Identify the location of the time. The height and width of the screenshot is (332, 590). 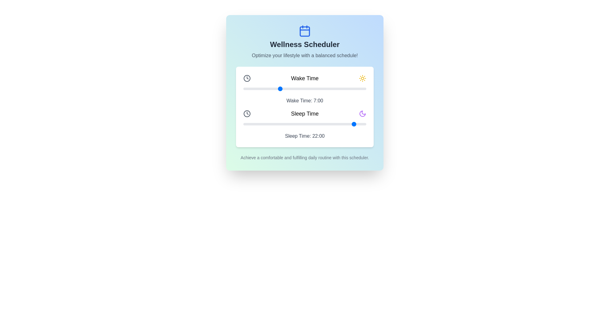
(335, 124).